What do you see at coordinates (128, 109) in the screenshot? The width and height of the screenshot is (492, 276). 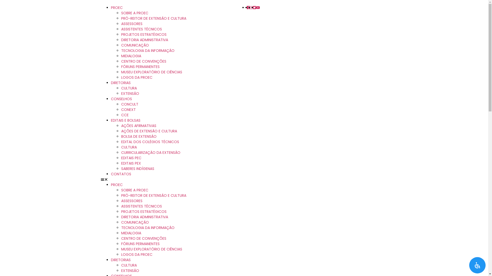 I see `'CONEXT'` at bounding box center [128, 109].